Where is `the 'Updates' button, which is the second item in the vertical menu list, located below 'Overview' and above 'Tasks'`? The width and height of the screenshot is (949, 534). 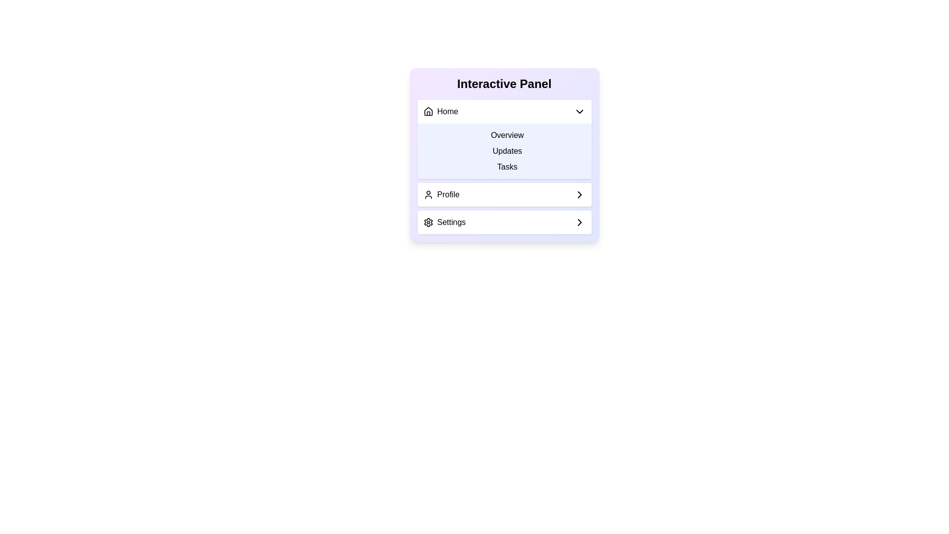 the 'Updates' button, which is the second item in the vertical menu list, located below 'Overview' and above 'Tasks' is located at coordinates (507, 151).